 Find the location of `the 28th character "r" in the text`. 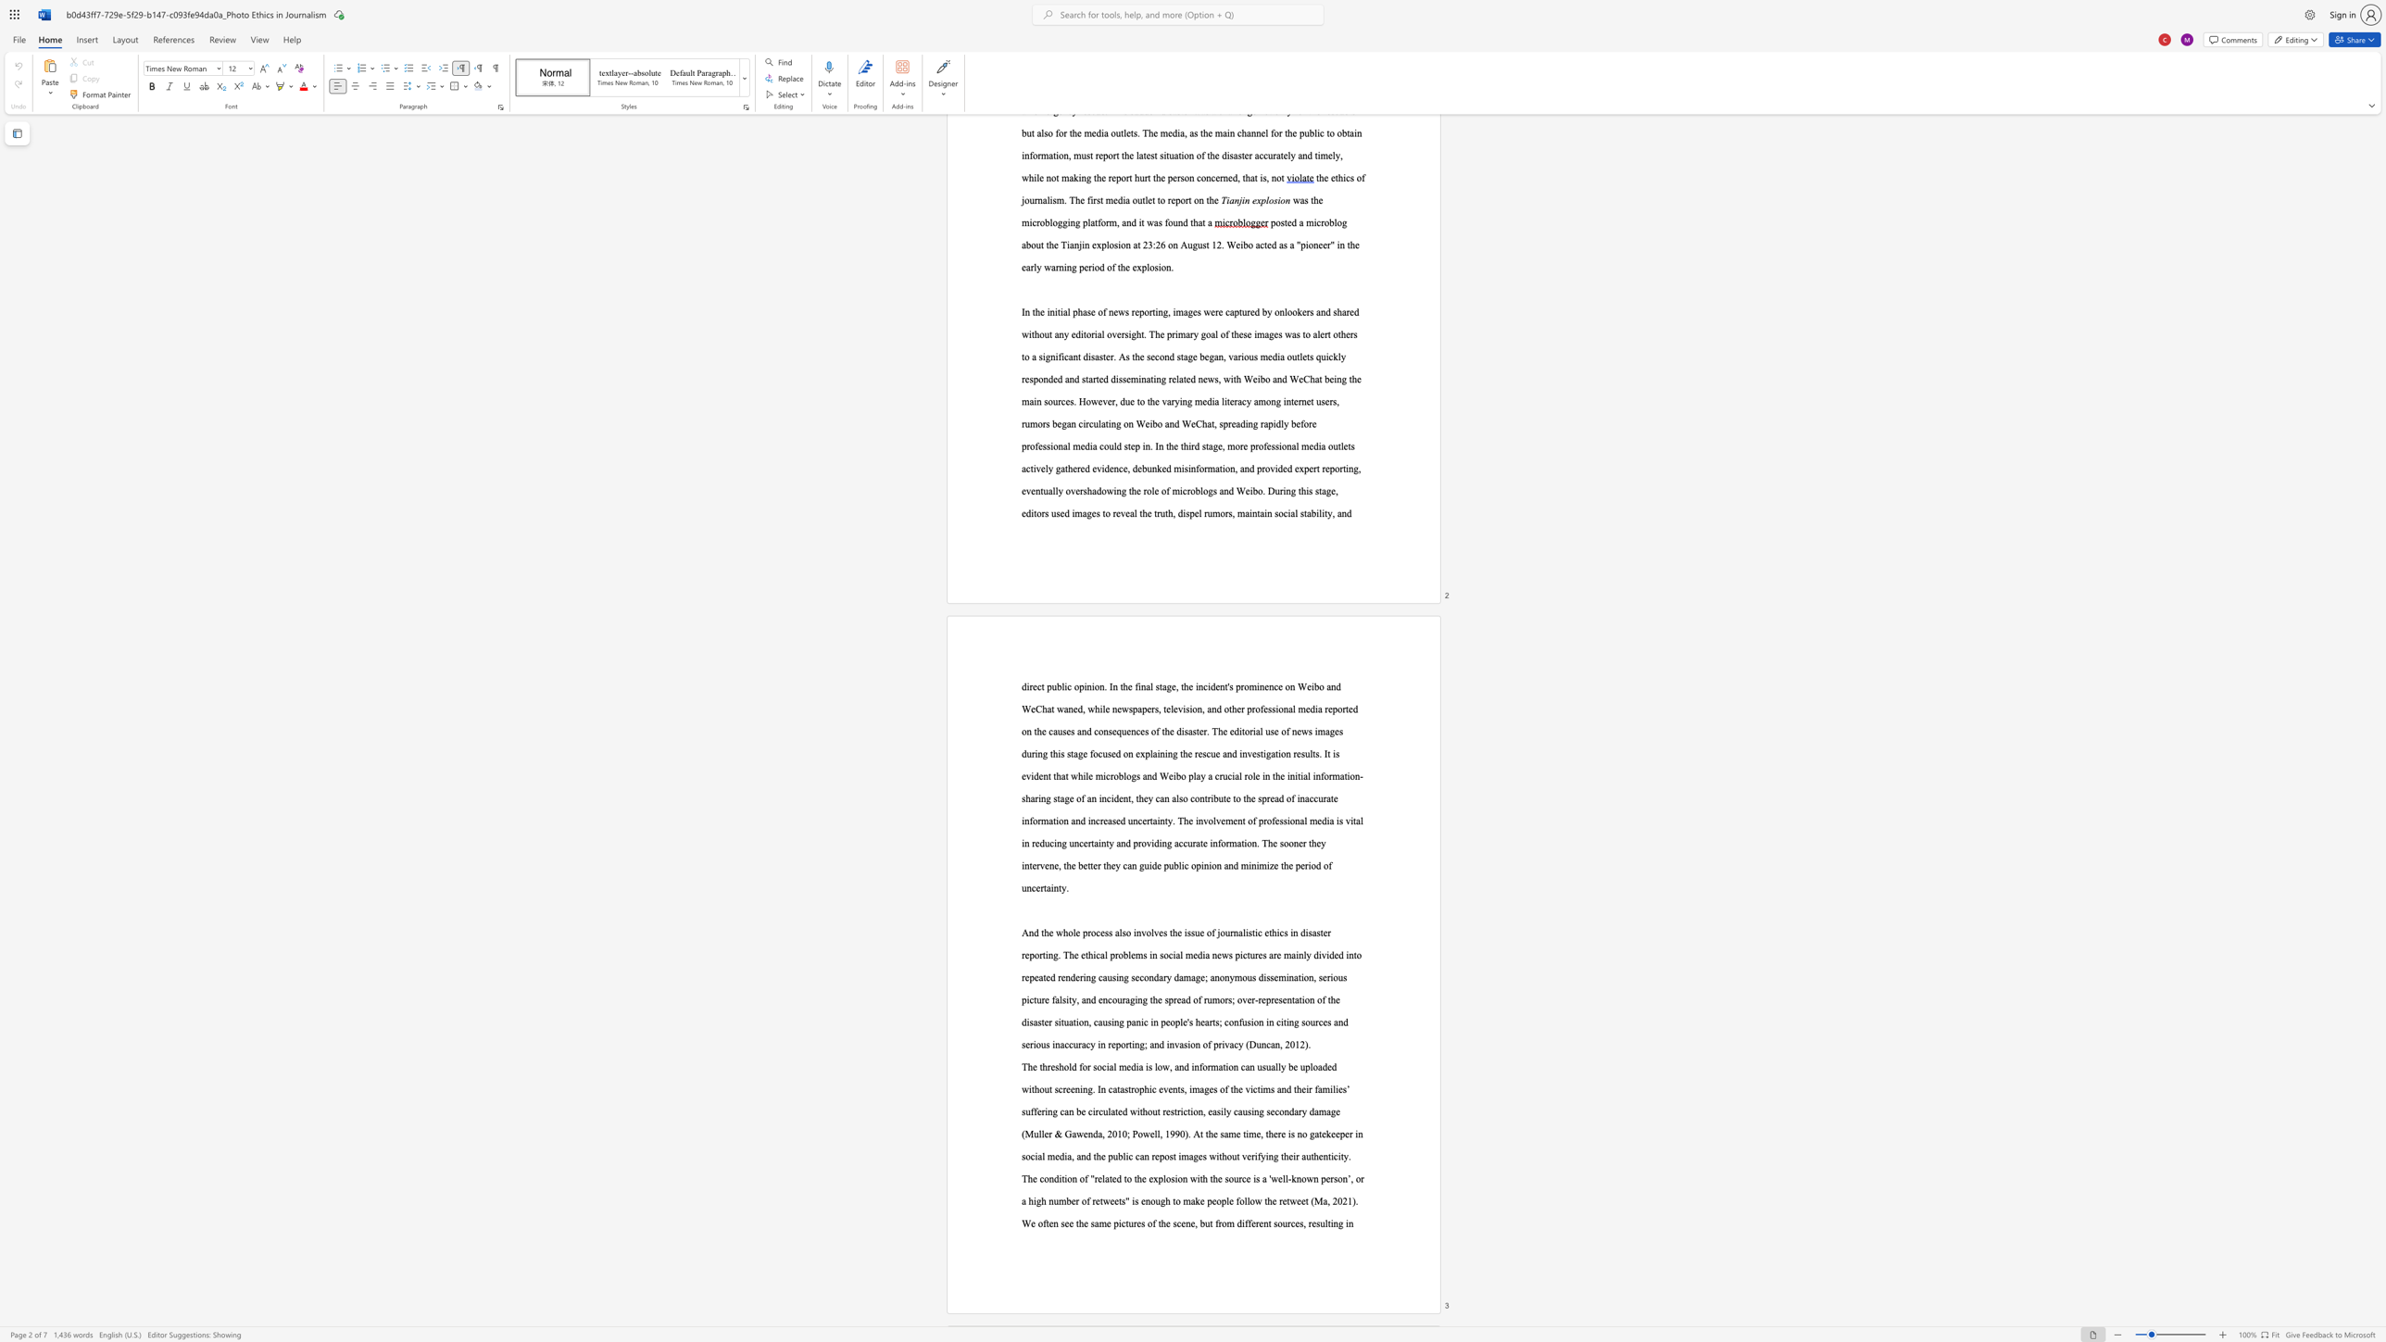

the 28th character "r" in the text is located at coordinates (1219, 1045).